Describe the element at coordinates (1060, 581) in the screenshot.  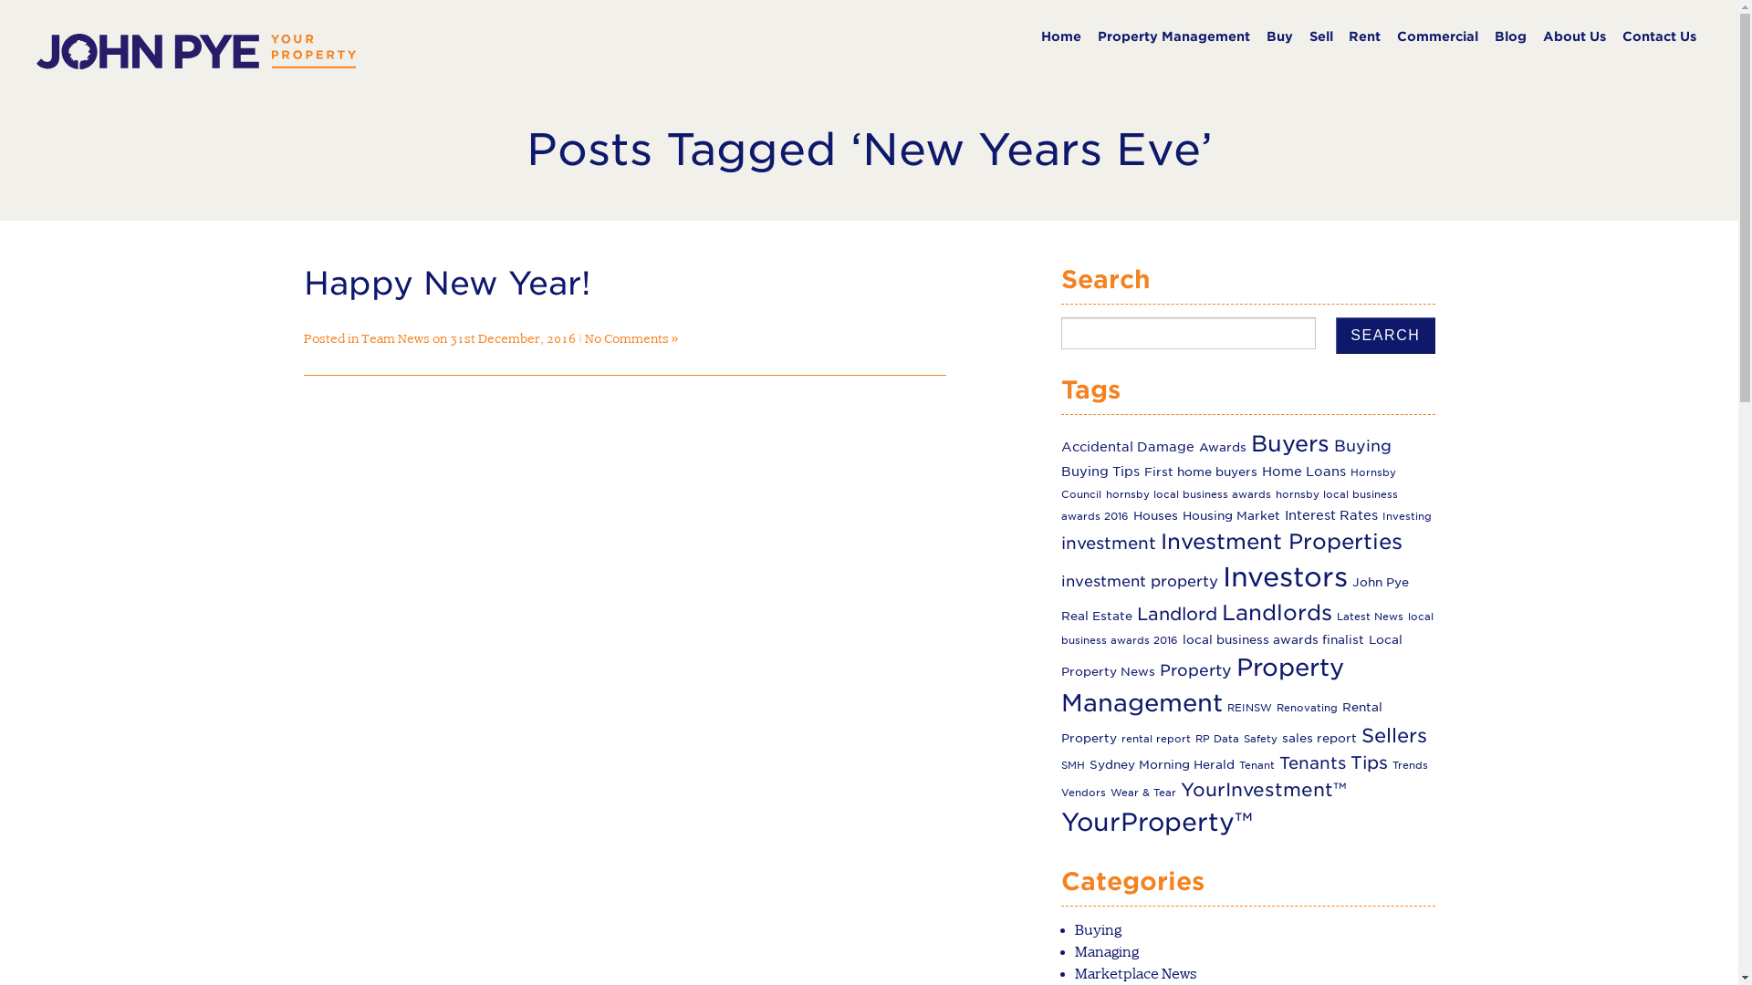
I see `'investment property'` at that location.